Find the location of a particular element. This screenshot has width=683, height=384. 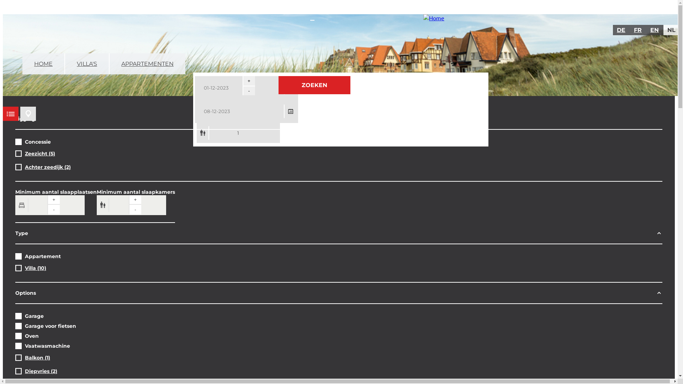

'Zeezicht (5) is located at coordinates (39, 153).